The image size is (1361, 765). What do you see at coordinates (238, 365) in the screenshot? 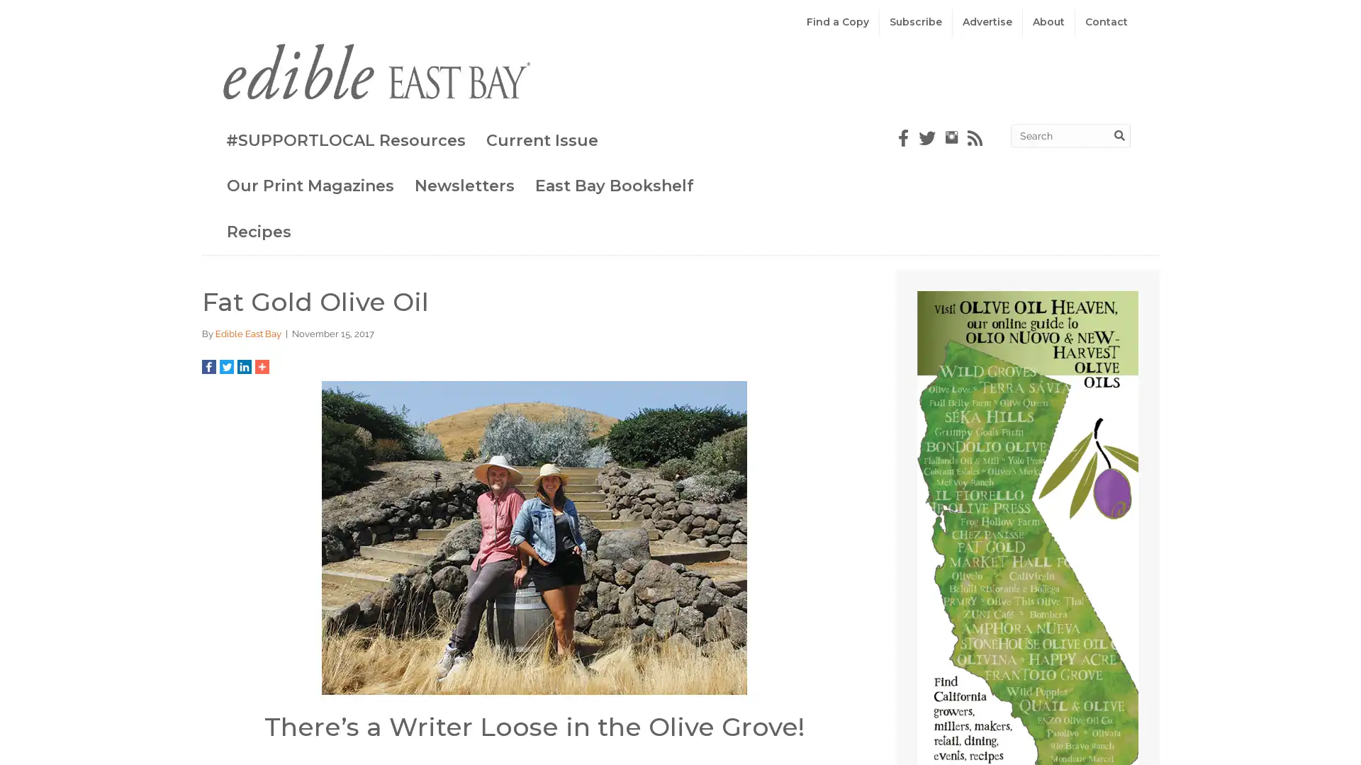
I see `Share to LinkedIn` at bounding box center [238, 365].